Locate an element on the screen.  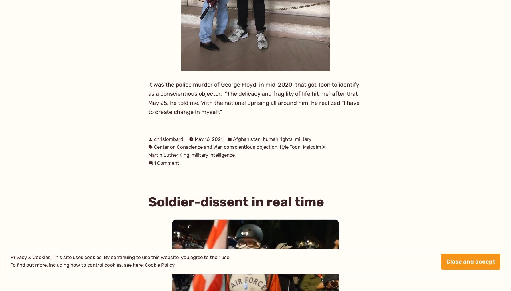
'To find out more, including how to control cookies, see here:' is located at coordinates (10, 265).